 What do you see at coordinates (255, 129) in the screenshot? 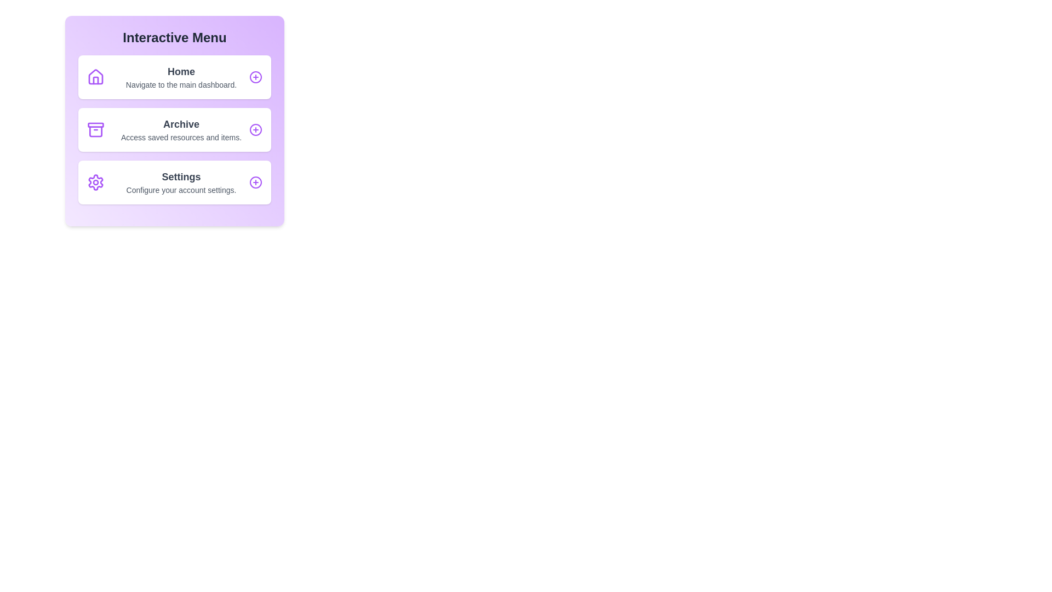
I see `toggle button for Archive to expand or collapse its description` at bounding box center [255, 129].